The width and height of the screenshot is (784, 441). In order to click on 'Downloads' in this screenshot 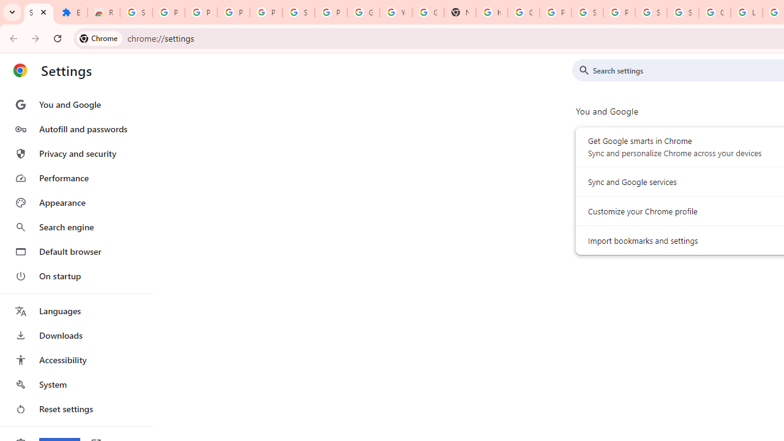, I will do `click(75, 335)`.